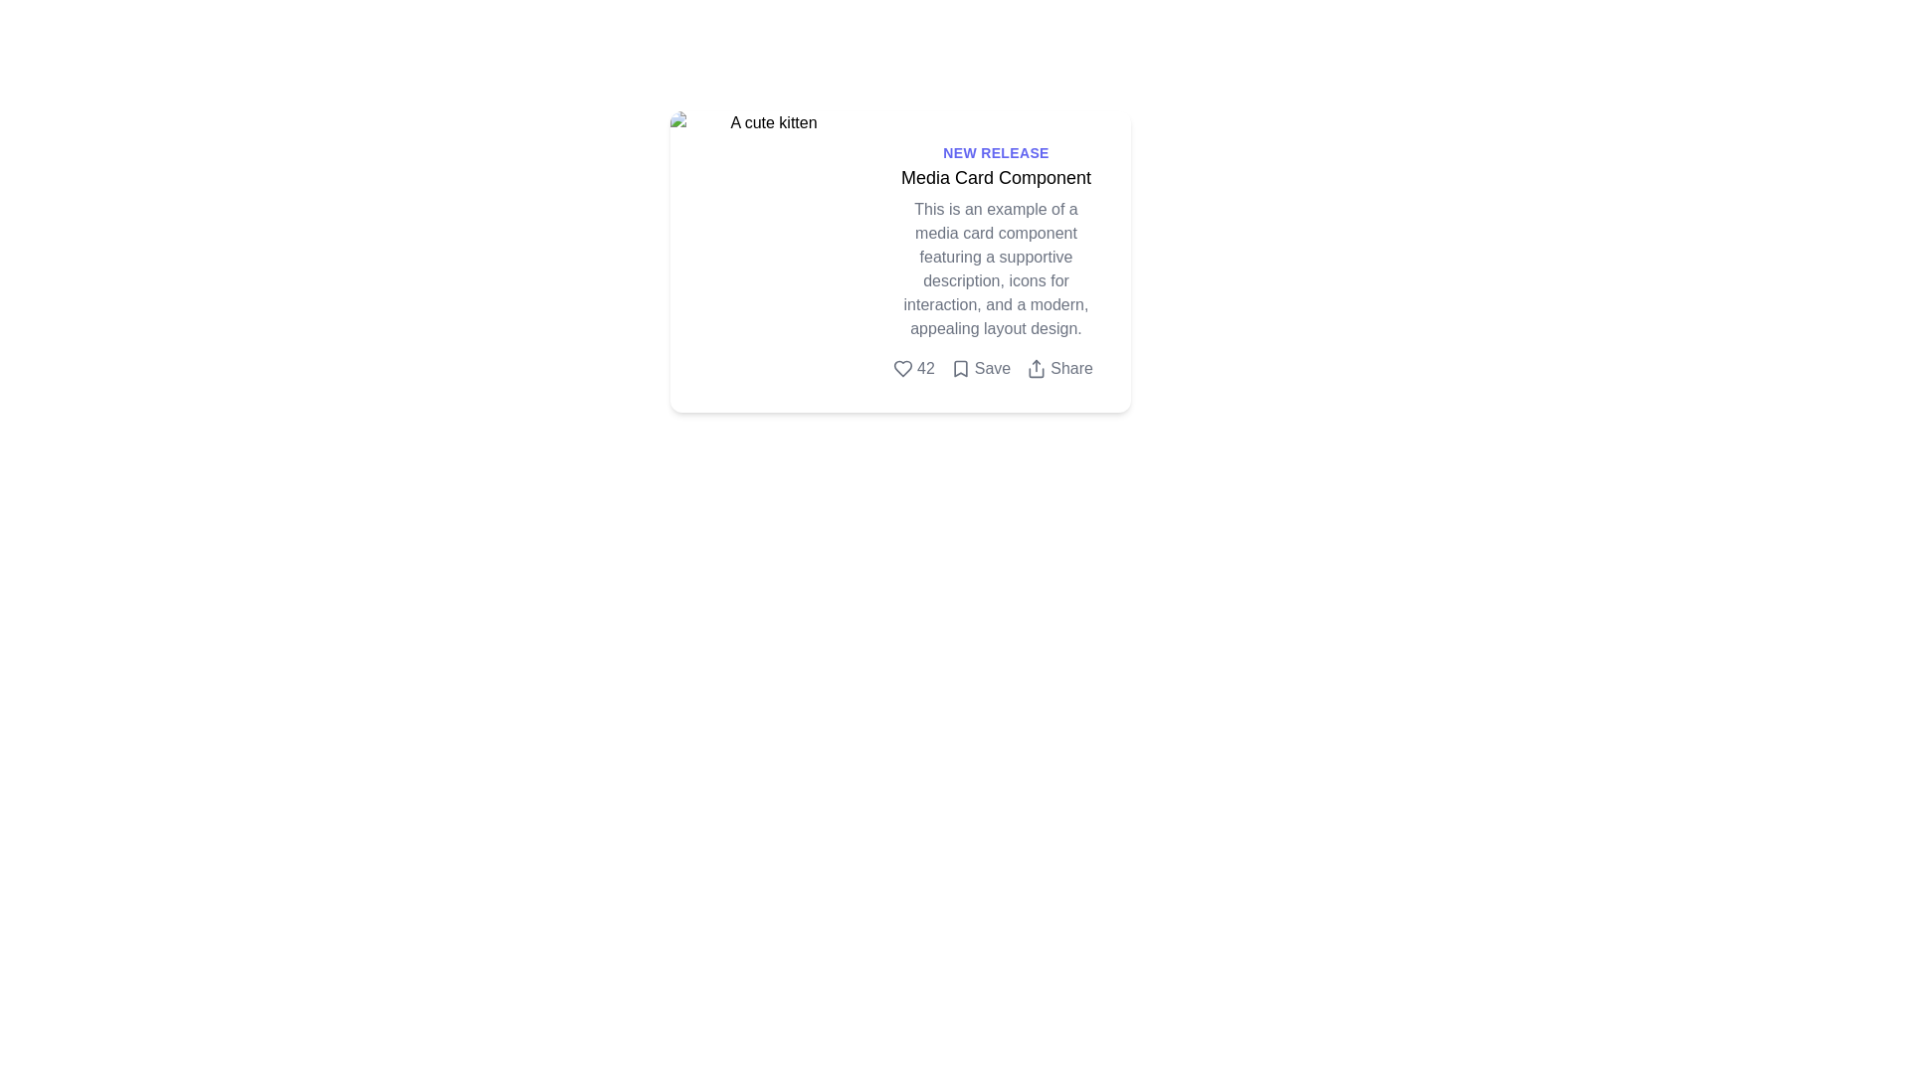 The width and height of the screenshot is (1910, 1074). Describe the element at coordinates (993, 368) in the screenshot. I see `text label displaying 'Save' in gray font, which is part of a button-like UI component located to the right of a bookmark icon` at that location.